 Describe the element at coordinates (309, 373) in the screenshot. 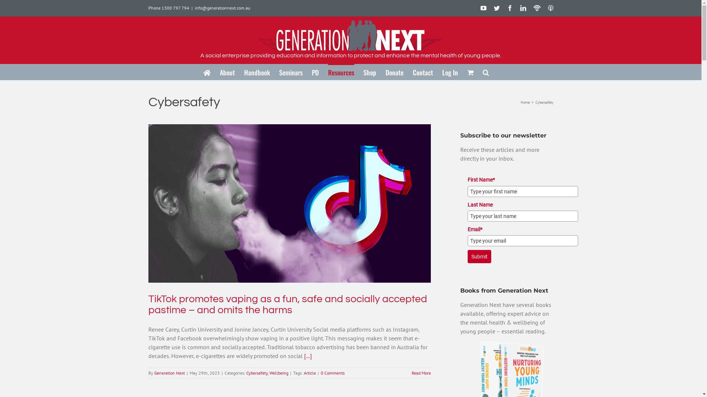

I see `'Article'` at that location.